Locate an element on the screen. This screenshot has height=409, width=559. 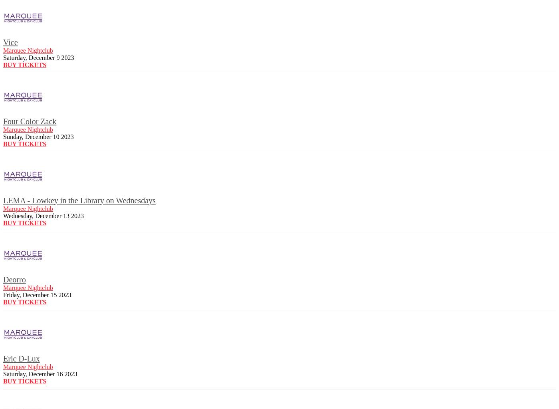
'Vice' is located at coordinates (10, 42).